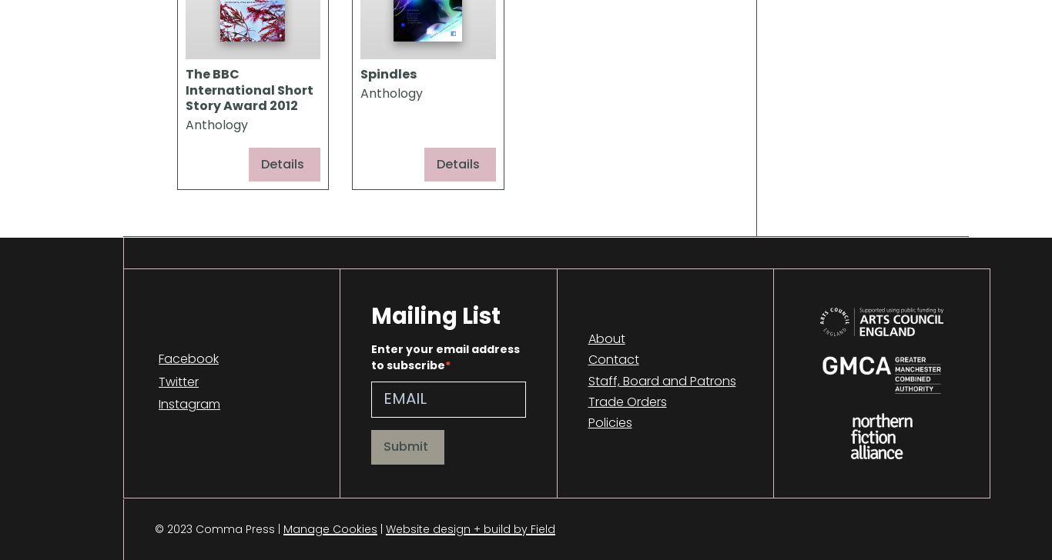 The height and width of the screenshot is (560, 1052). What do you see at coordinates (381, 528) in the screenshot?
I see `'|'` at bounding box center [381, 528].